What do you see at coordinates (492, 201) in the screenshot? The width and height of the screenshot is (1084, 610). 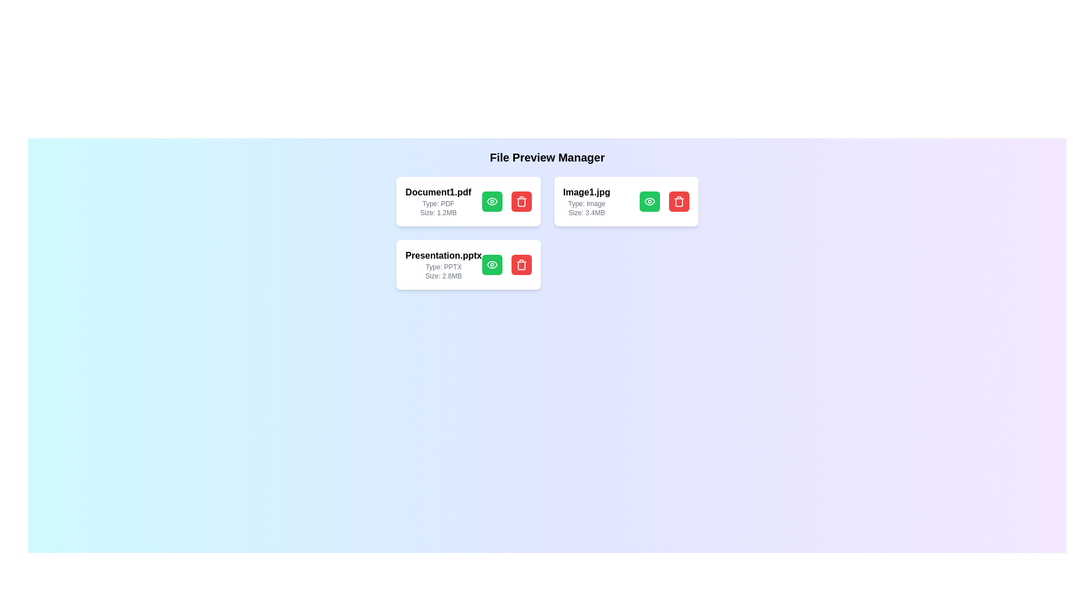 I see `the green button with a white eye icon located next to the 'Document1.pdf' file details in the top-left card of the file list` at bounding box center [492, 201].